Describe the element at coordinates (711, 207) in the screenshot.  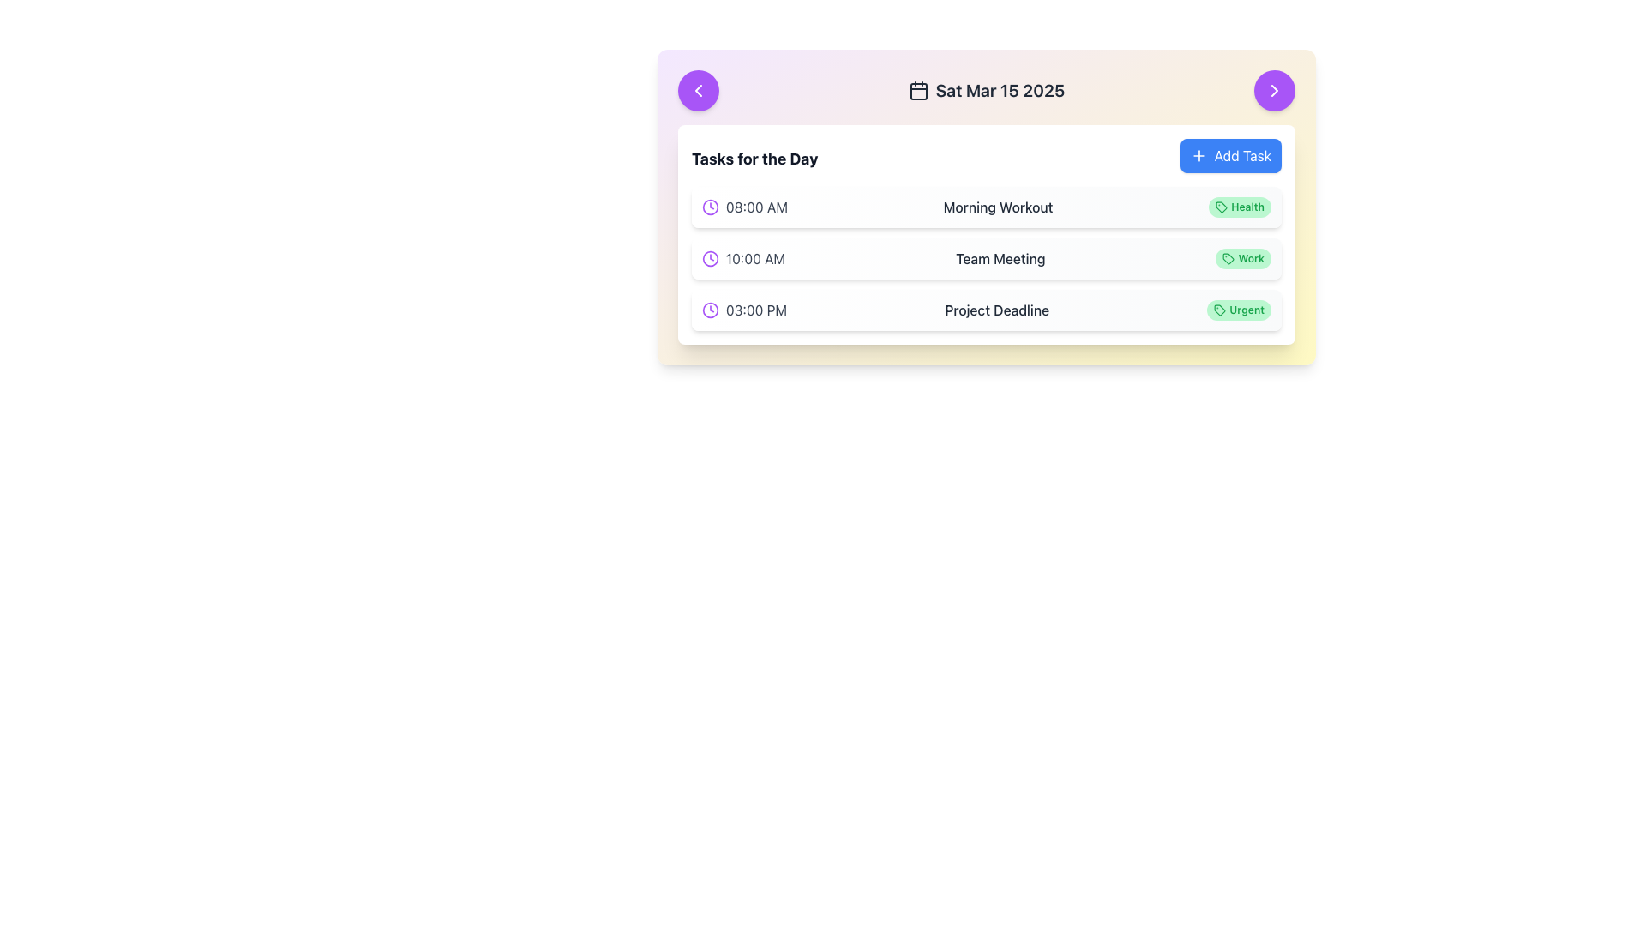
I see `the circular clock icon with a purple border located next to the text '08:00 AM' in the 'Tasks for the Day' section` at that location.